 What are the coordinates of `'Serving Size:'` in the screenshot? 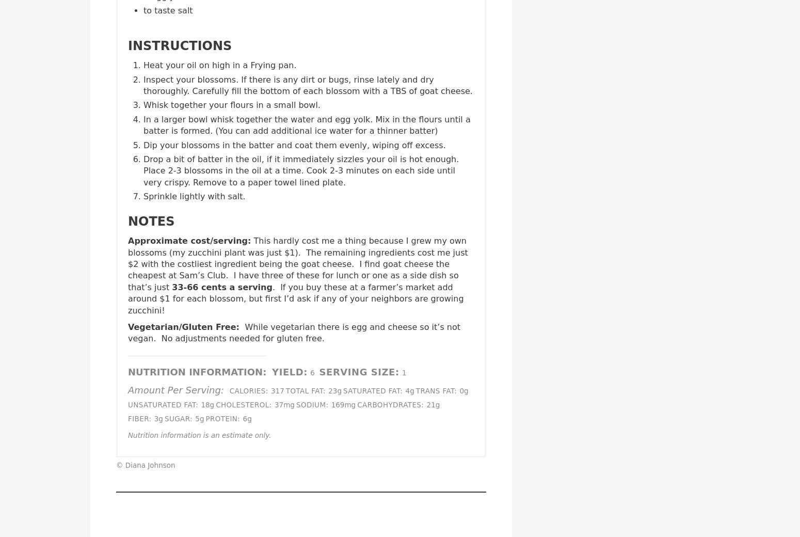 It's located at (358, 371).